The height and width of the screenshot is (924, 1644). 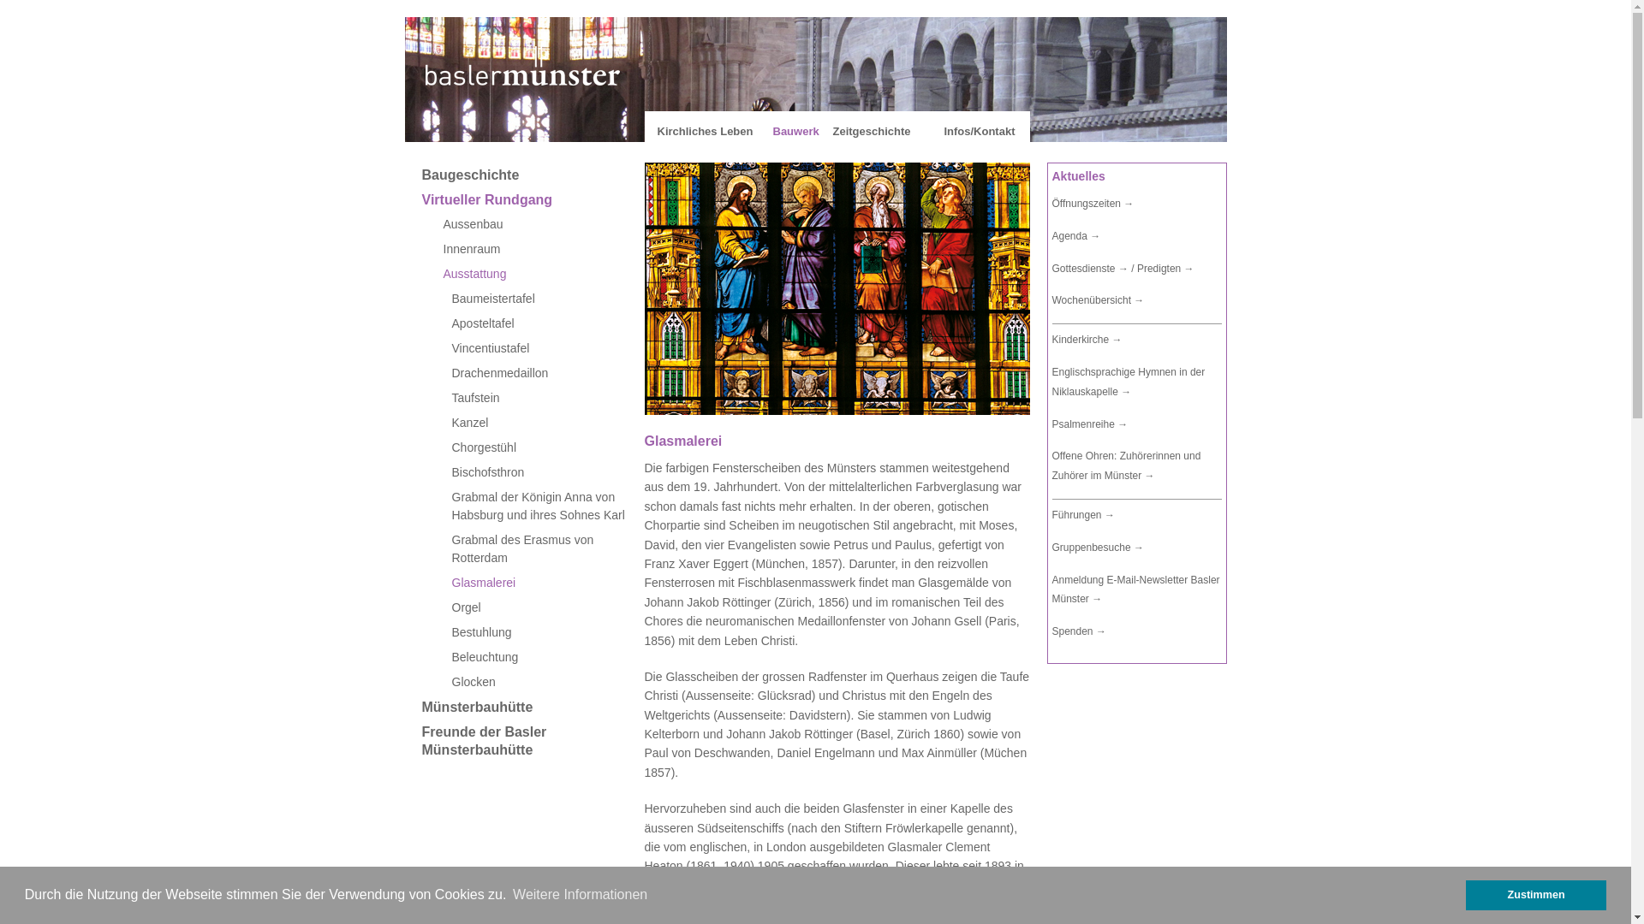 I want to click on 'Baugeschichte', so click(x=536, y=175).